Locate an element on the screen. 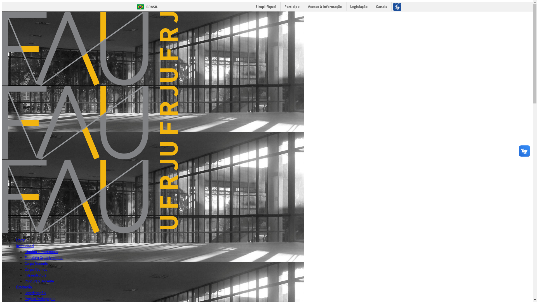  'Simplifique!' is located at coordinates (265, 6).